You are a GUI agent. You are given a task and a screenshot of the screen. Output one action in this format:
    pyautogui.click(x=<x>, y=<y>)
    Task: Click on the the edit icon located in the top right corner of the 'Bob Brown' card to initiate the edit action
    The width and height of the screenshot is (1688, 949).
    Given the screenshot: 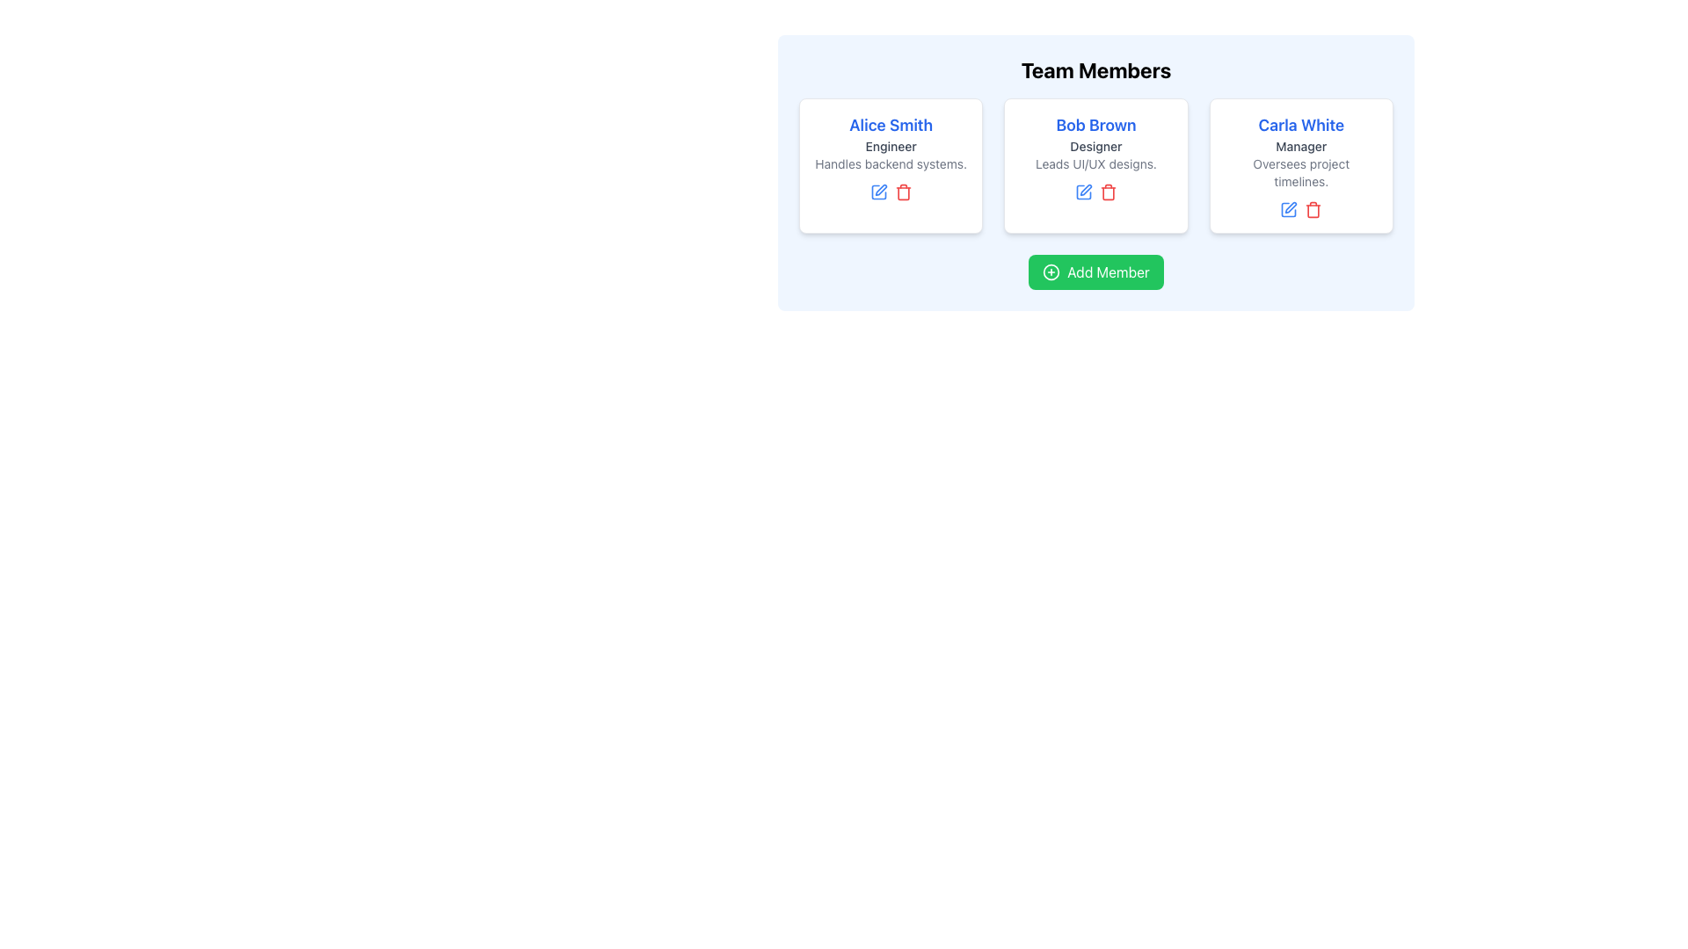 What is the action you would take?
    pyautogui.click(x=1085, y=190)
    